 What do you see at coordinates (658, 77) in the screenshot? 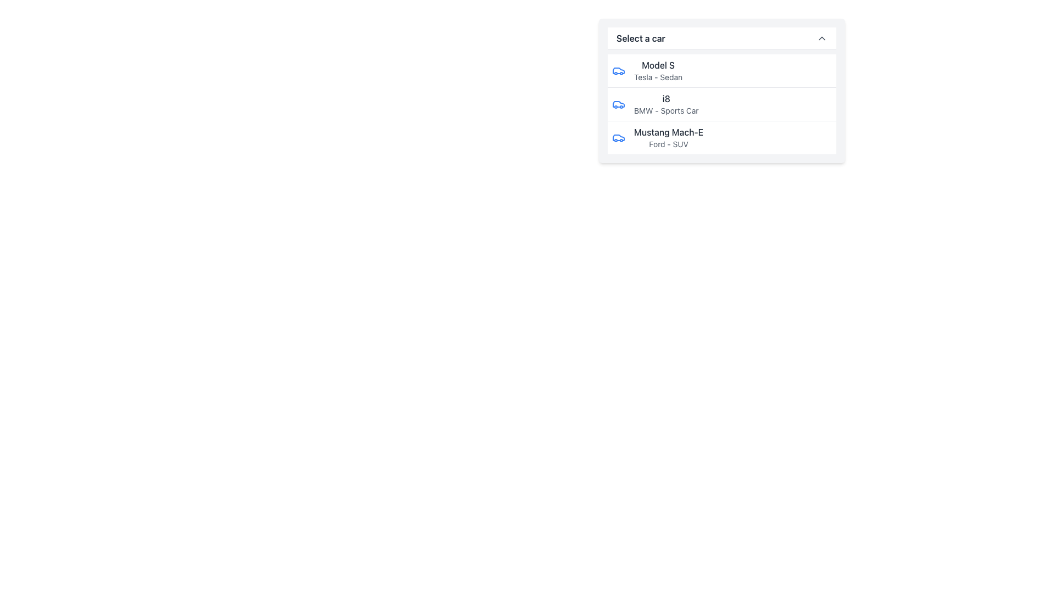
I see `text label 'Tesla - Sedan' located beneath 'Model S' in the dropdown menu under 'Select a car'` at bounding box center [658, 77].